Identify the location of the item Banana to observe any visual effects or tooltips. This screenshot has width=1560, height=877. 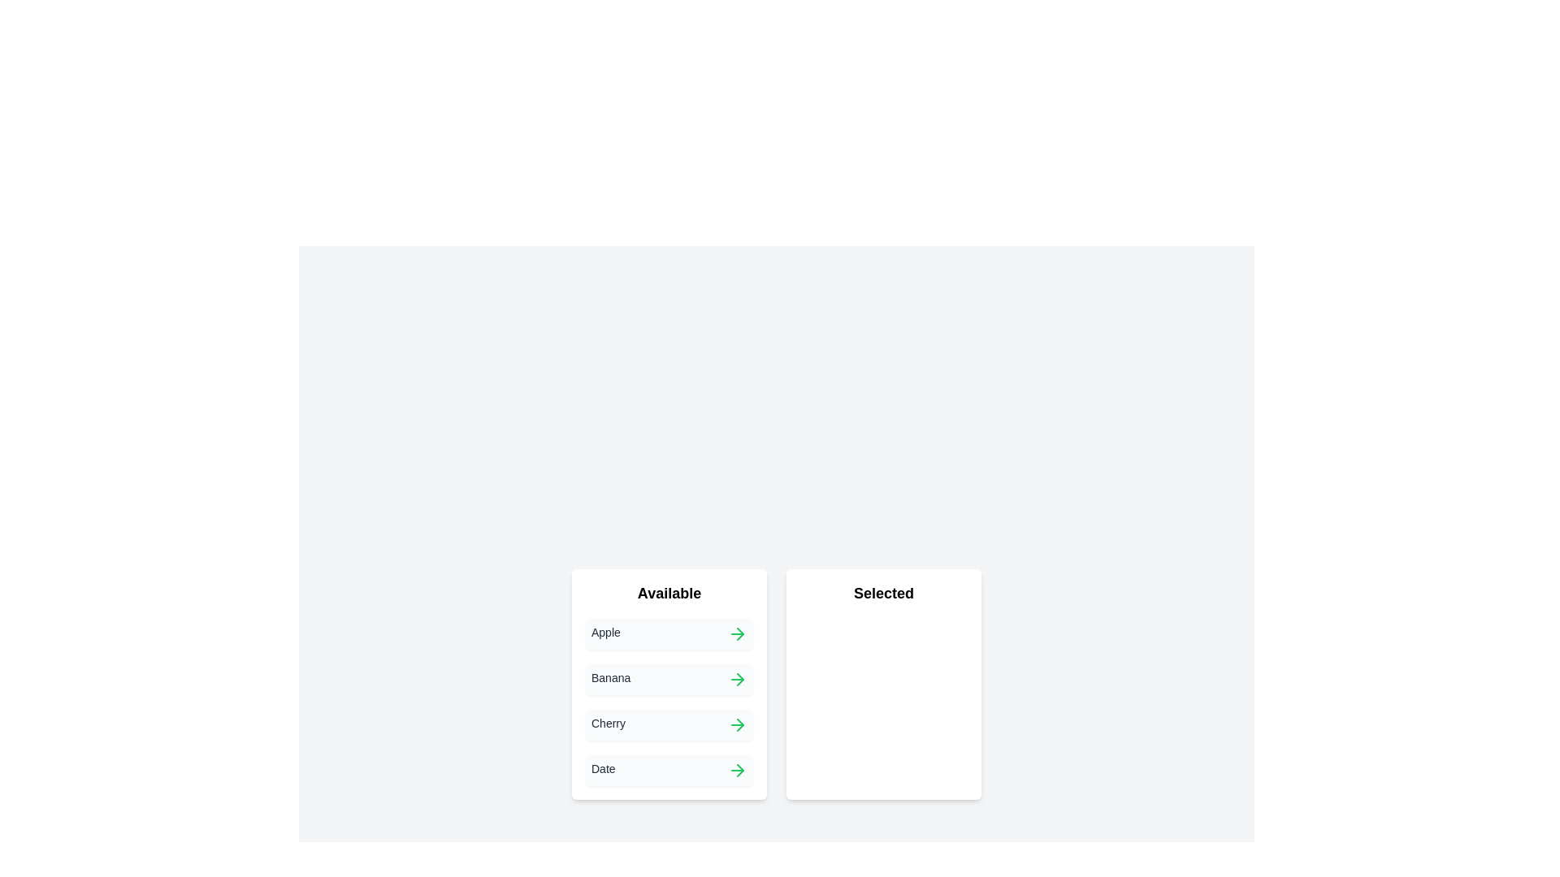
(669, 680).